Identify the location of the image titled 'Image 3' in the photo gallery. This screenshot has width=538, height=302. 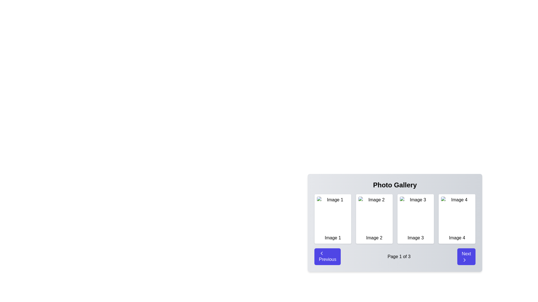
(416, 214).